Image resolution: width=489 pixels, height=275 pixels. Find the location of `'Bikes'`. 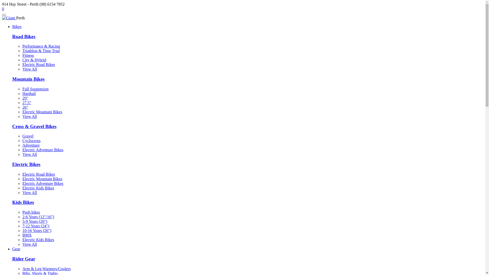

'Bikes' is located at coordinates (17, 26).